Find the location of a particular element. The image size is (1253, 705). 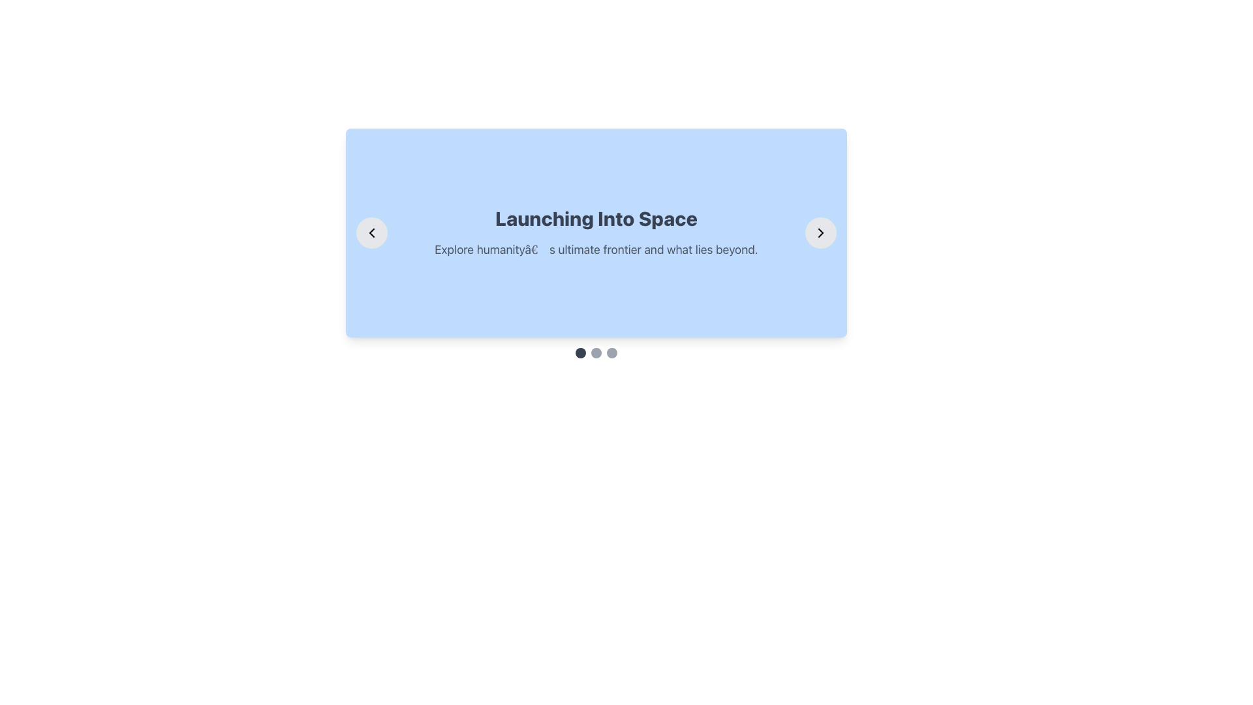

the right navigation button, which is a circular button with a gray background and a black arrowhead pointing to the right is located at coordinates (820, 232).